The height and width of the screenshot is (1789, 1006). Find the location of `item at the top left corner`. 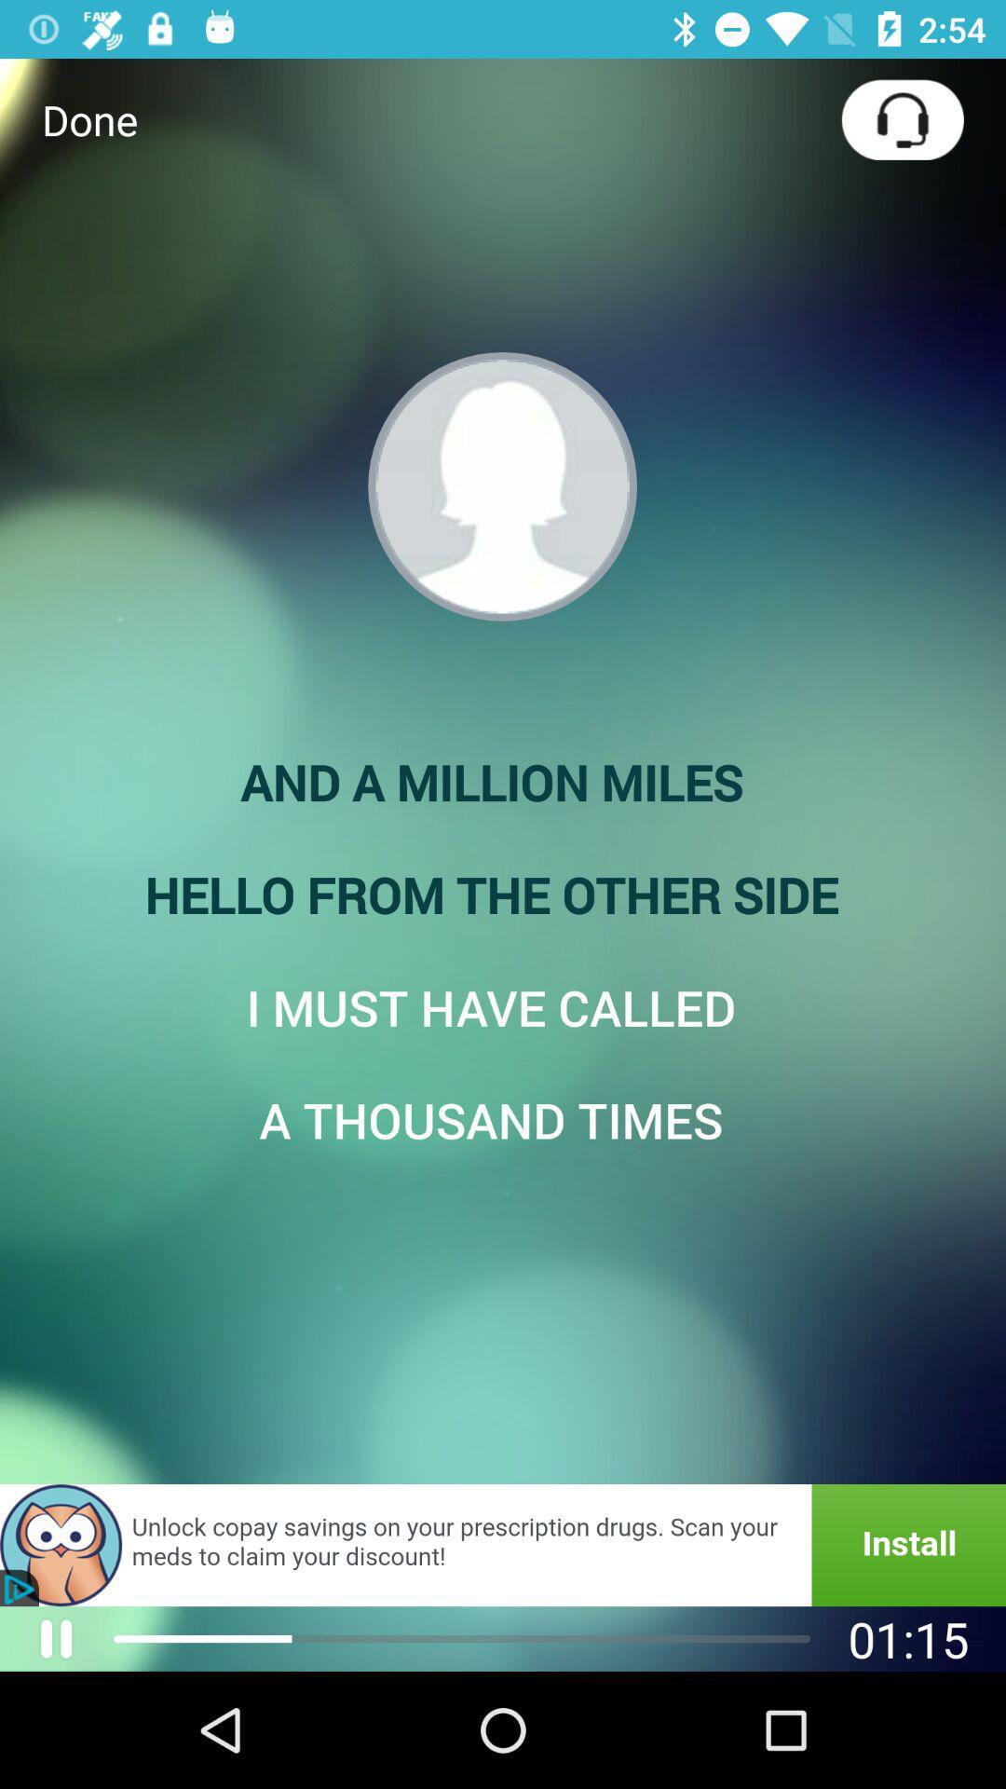

item at the top left corner is located at coordinates (89, 118).